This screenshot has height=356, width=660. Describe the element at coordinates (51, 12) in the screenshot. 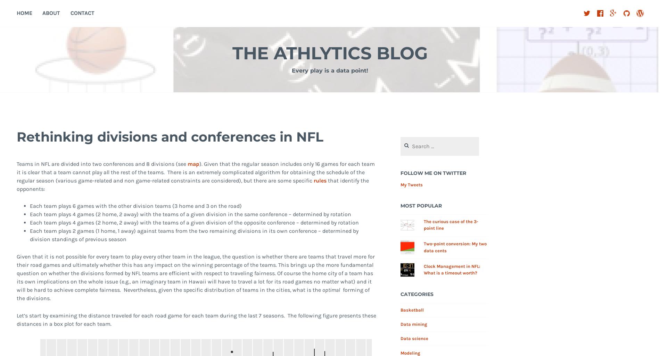

I see `'About'` at that location.